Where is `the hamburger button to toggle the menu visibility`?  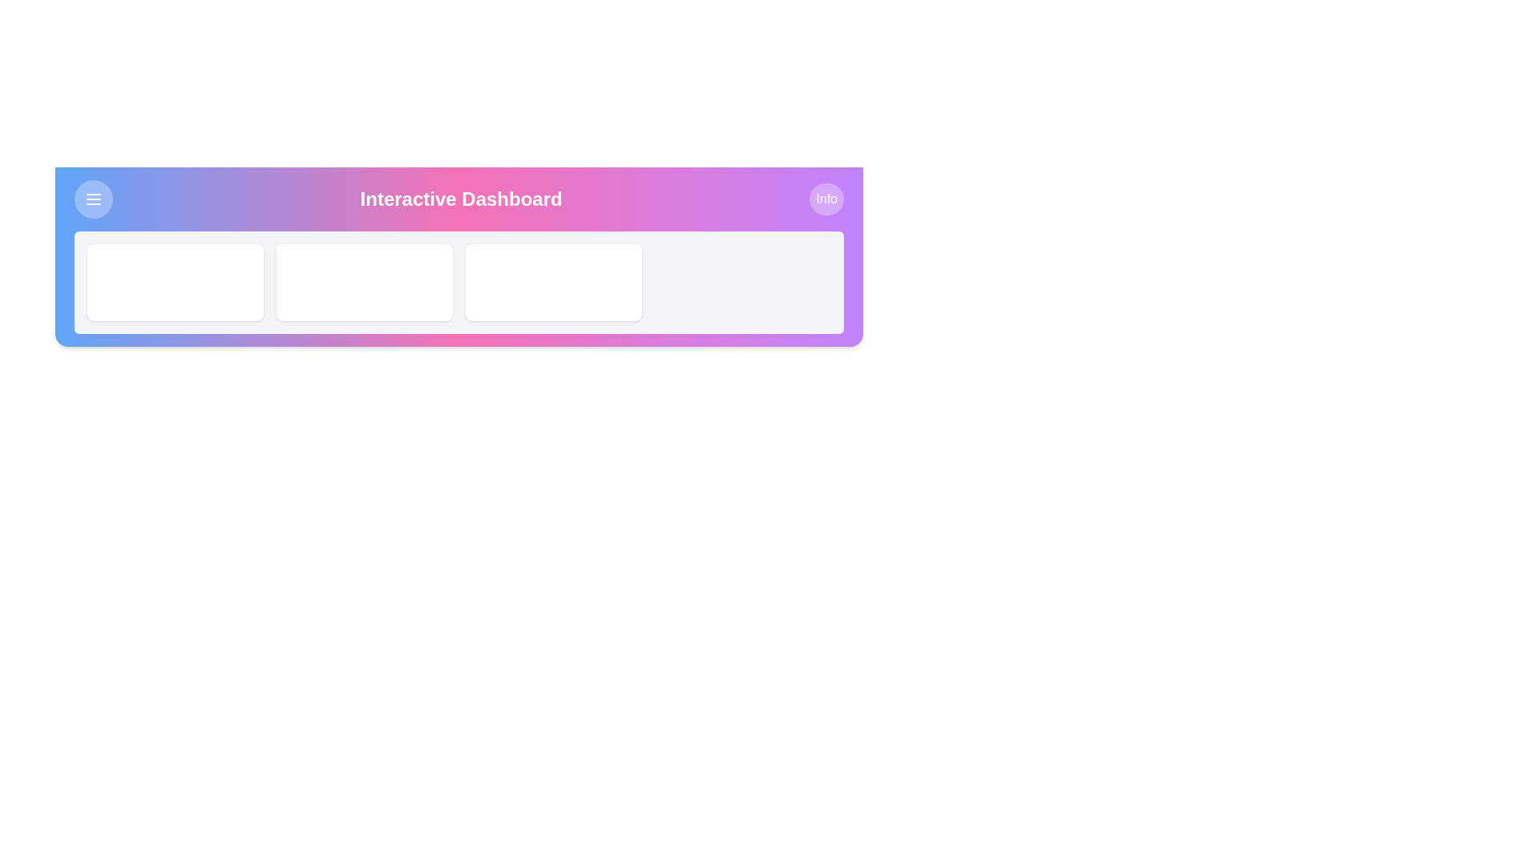
the hamburger button to toggle the menu visibility is located at coordinates (92, 199).